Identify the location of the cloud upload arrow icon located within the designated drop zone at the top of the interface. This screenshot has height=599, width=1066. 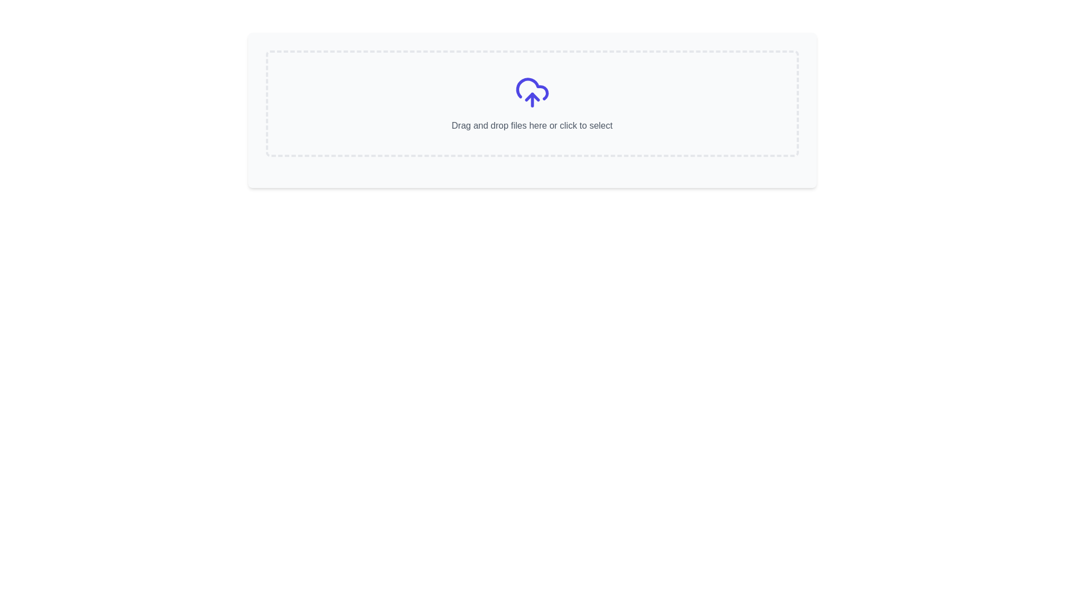
(531, 96).